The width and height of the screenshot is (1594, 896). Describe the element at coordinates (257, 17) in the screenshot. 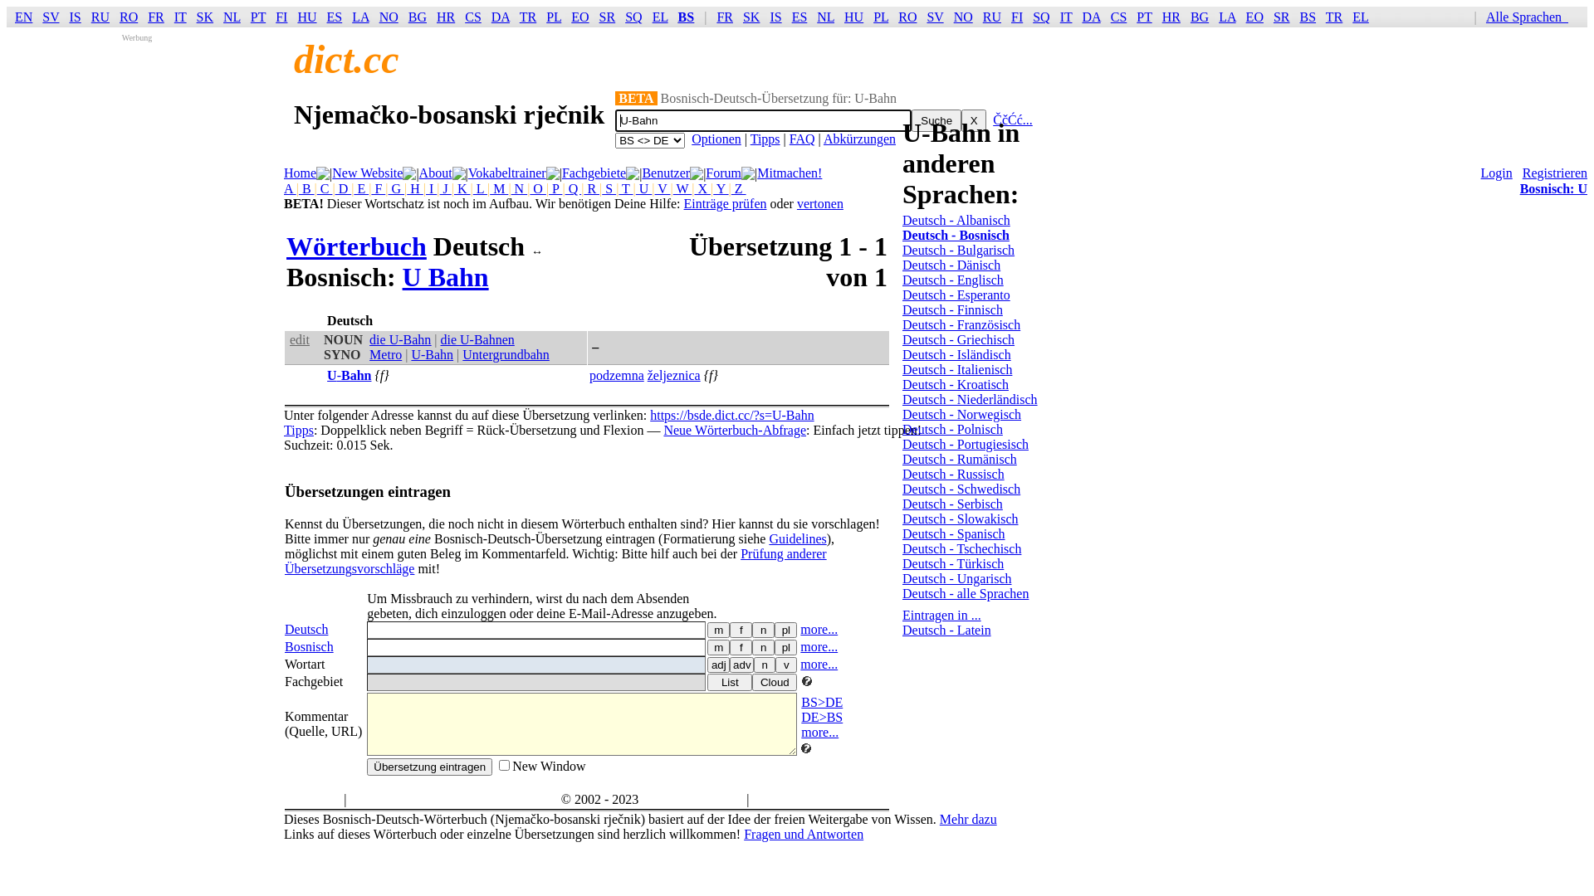

I see `'PT'` at that location.